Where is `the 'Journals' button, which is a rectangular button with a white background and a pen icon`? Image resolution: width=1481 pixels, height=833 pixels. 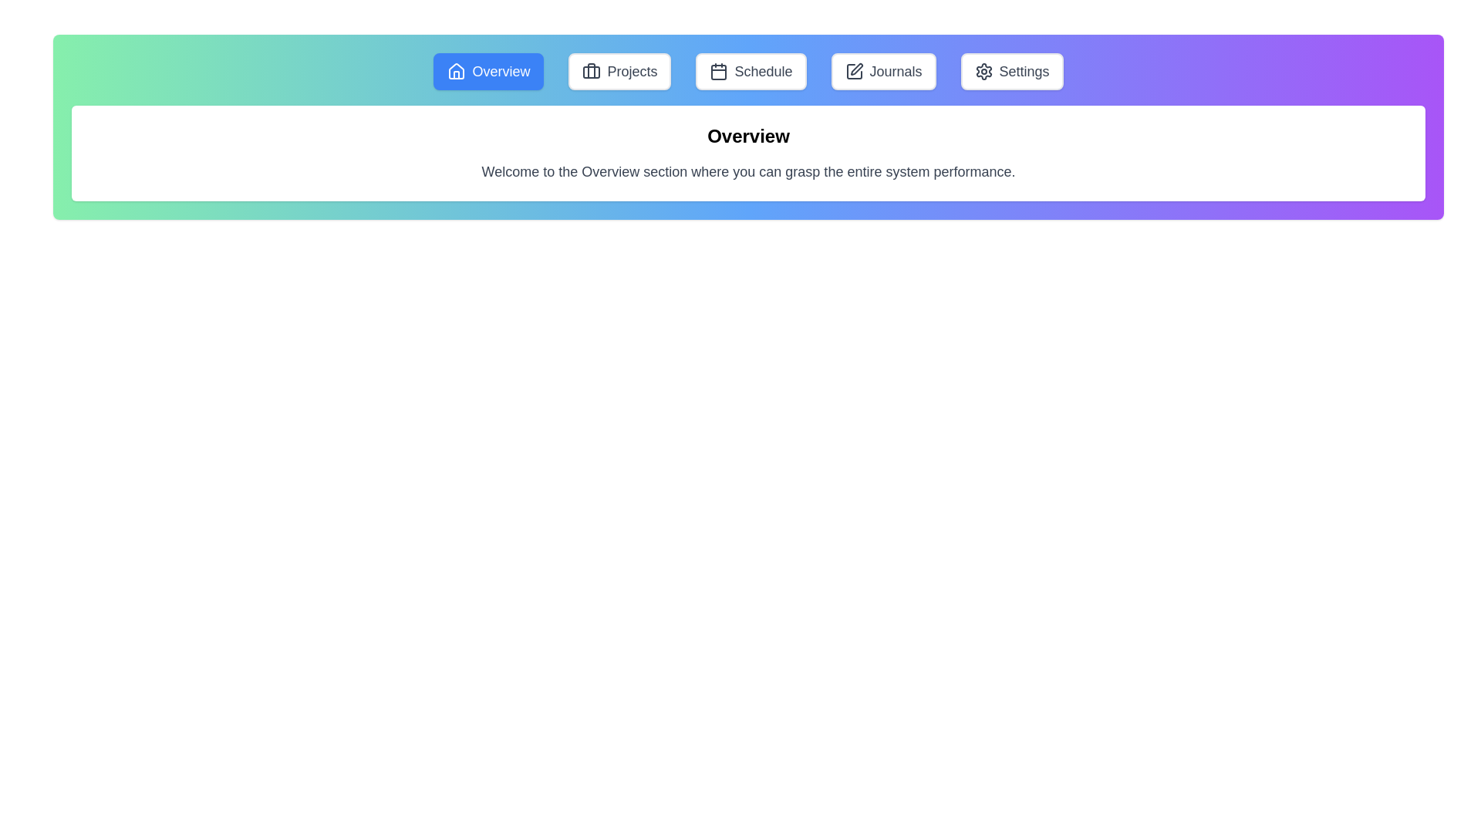 the 'Journals' button, which is a rectangular button with a white background and a pen icon is located at coordinates (883, 71).